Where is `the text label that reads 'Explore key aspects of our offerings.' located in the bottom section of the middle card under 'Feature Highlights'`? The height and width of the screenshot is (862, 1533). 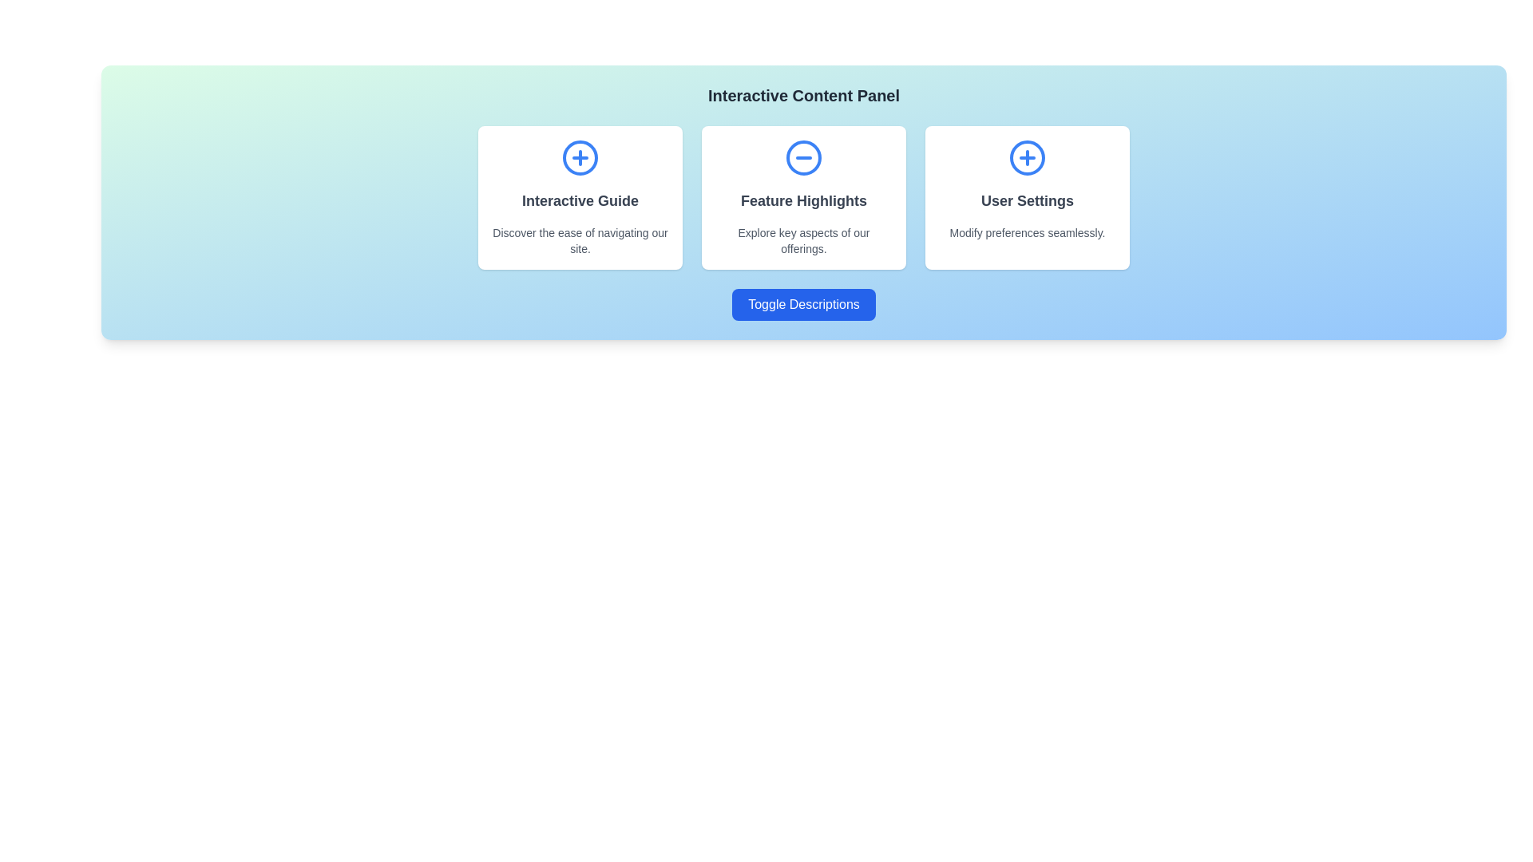
the text label that reads 'Explore key aspects of our offerings.' located in the bottom section of the middle card under 'Feature Highlights' is located at coordinates (804, 240).